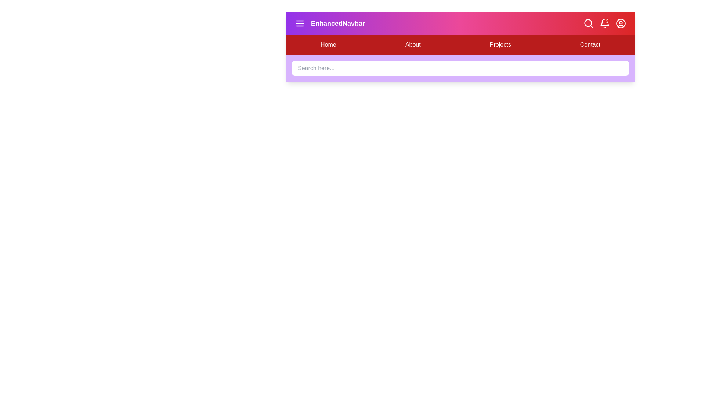 The width and height of the screenshot is (705, 397). I want to click on the notification bell icon to view notifications, so click(604, 23).